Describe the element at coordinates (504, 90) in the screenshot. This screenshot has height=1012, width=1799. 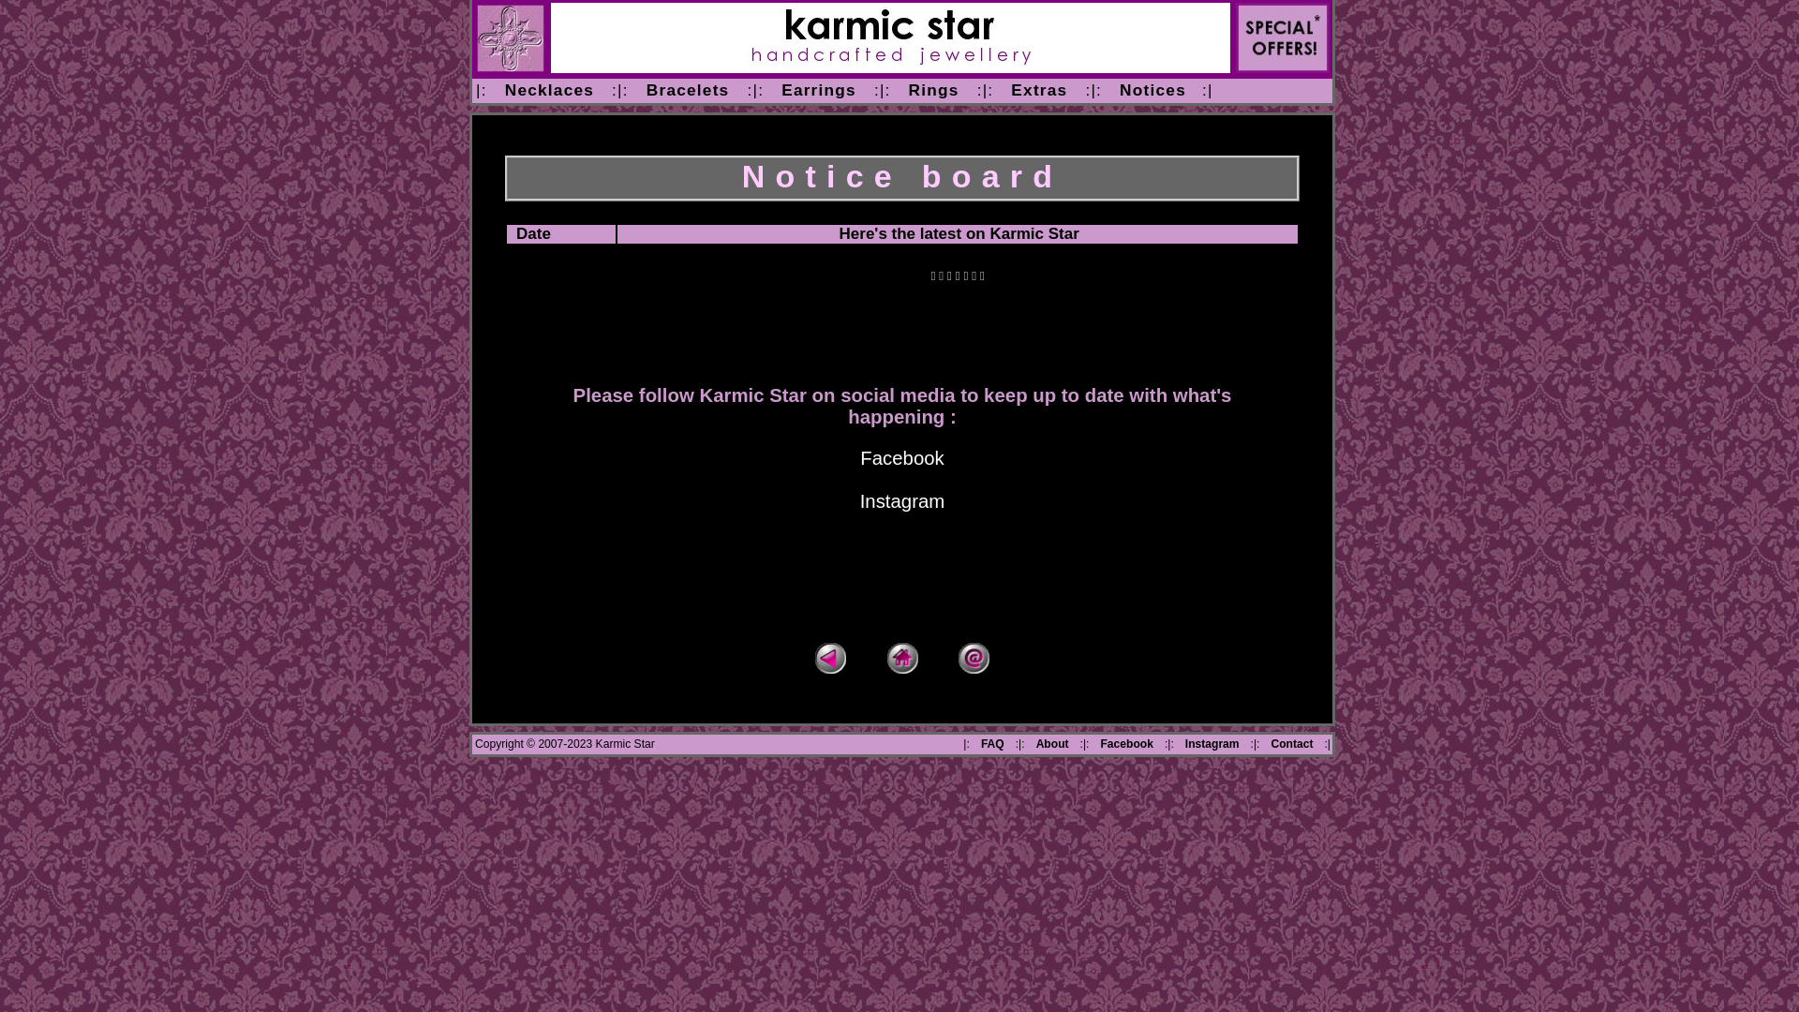
I see `'Necklaces'` at that location.